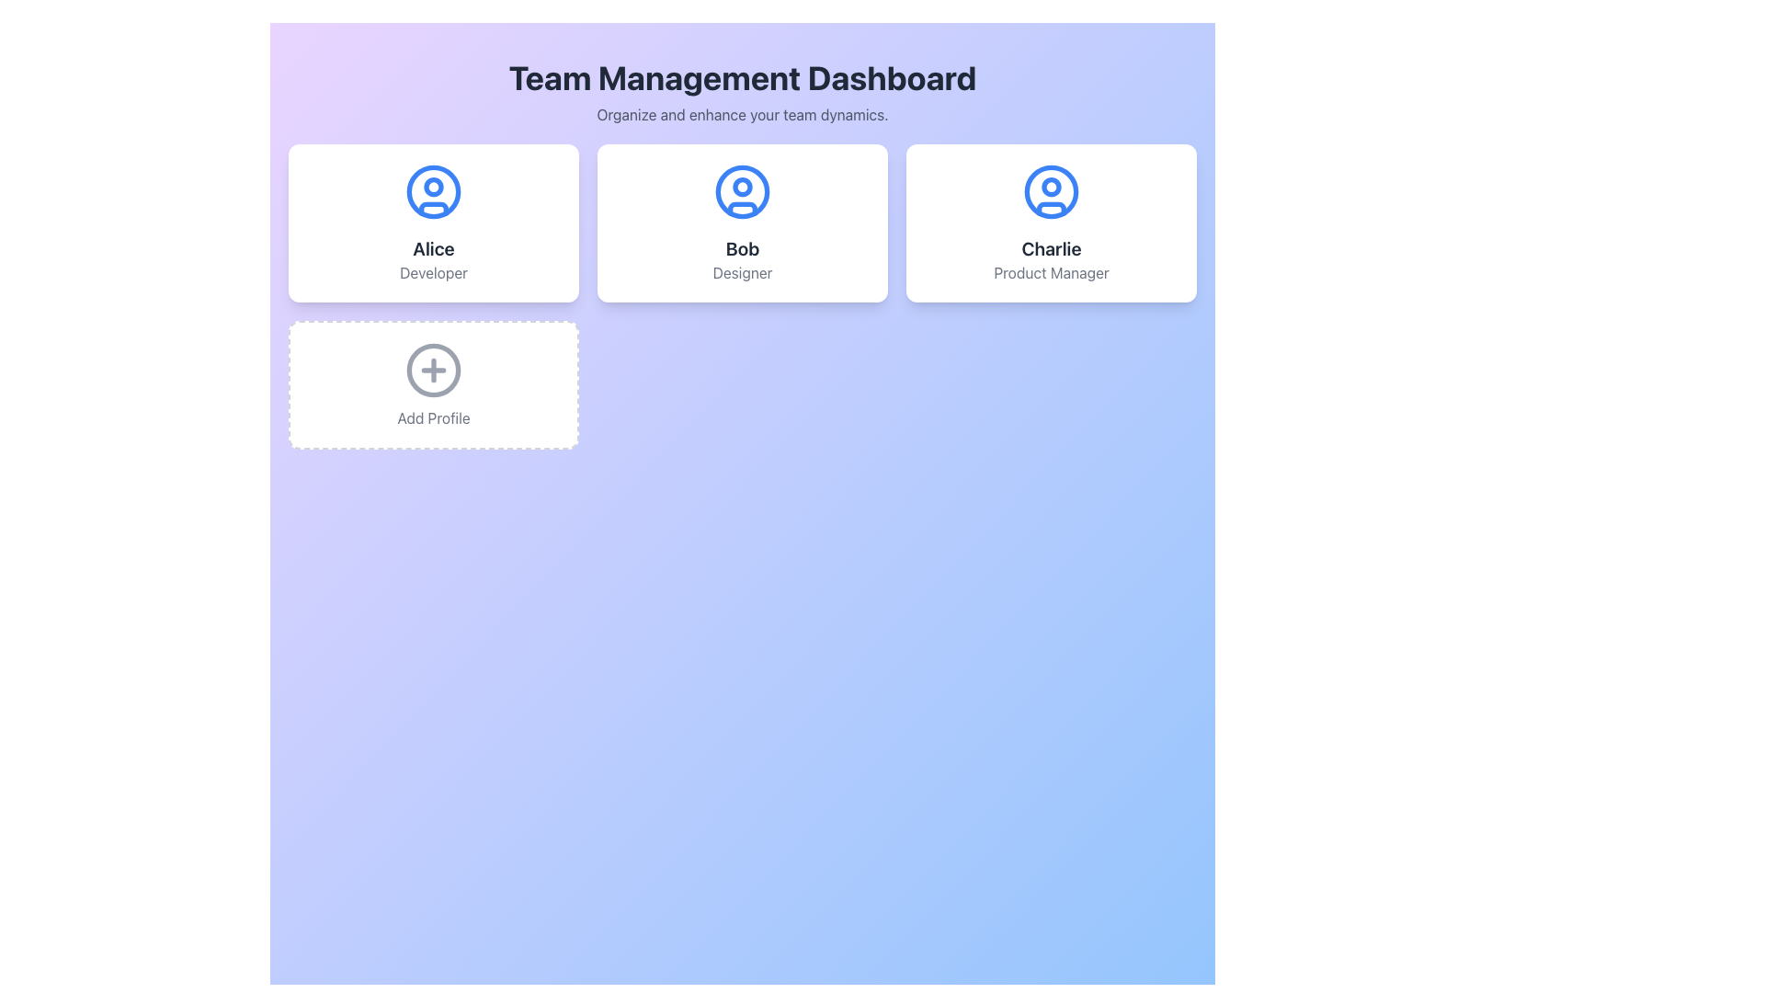 This screenshot has height=993, width=1765. I want to click on the SVG circle element representing the user avatar on Charlie's profile card, located in the top portion of the third card in the second row, so click(1051, 191).